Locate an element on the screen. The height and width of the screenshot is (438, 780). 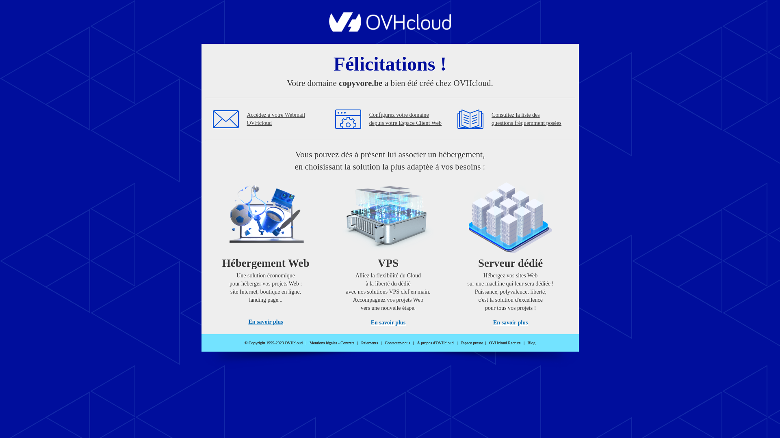
'En savoir plus' is located at coordinates (388, 322).